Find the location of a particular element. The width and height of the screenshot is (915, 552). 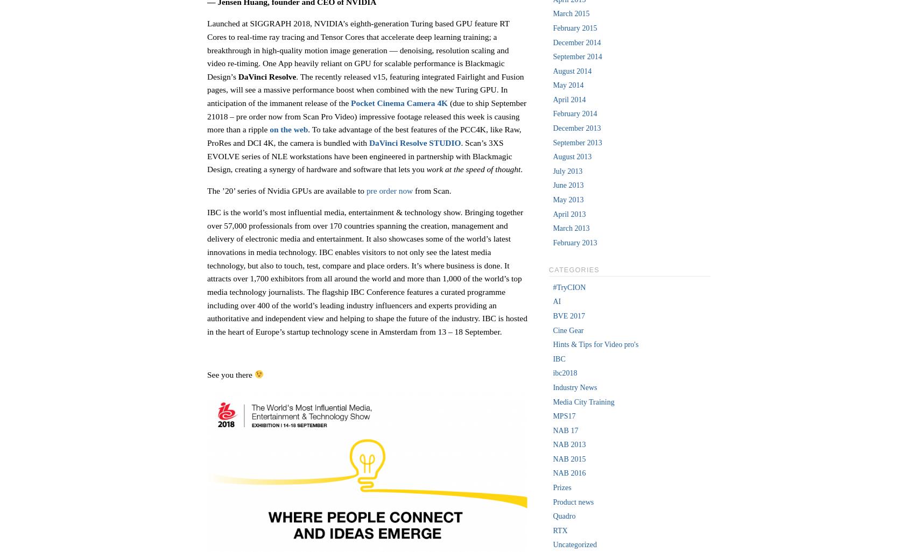

'Cine Gear' is located at coordinates (567, 329).